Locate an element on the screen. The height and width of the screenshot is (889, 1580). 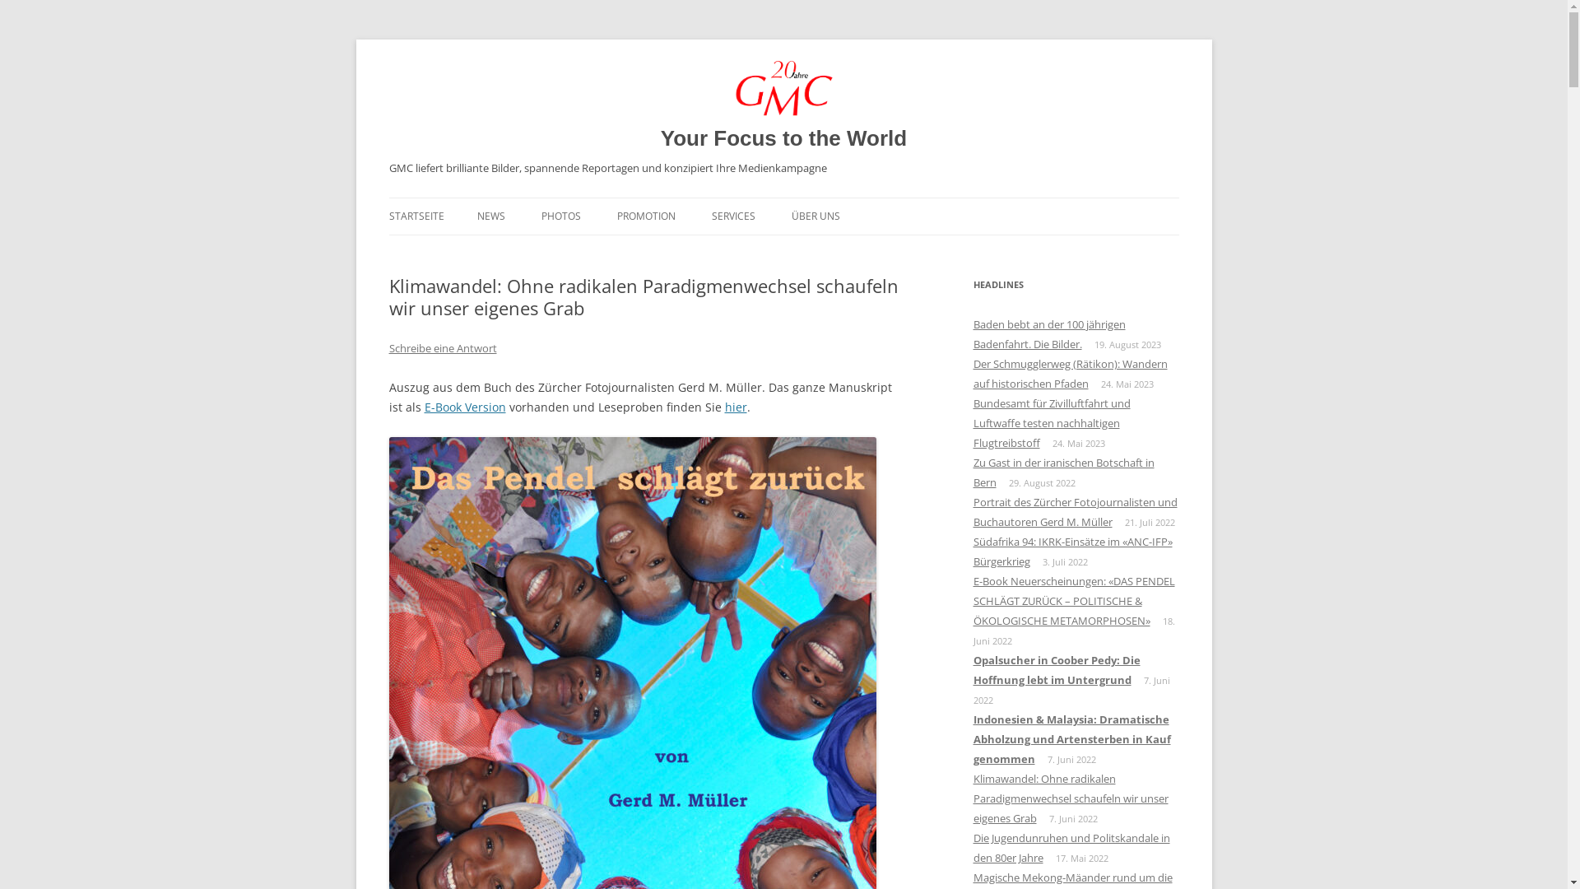
'DESIGN' is located at coordinates (793, 251).